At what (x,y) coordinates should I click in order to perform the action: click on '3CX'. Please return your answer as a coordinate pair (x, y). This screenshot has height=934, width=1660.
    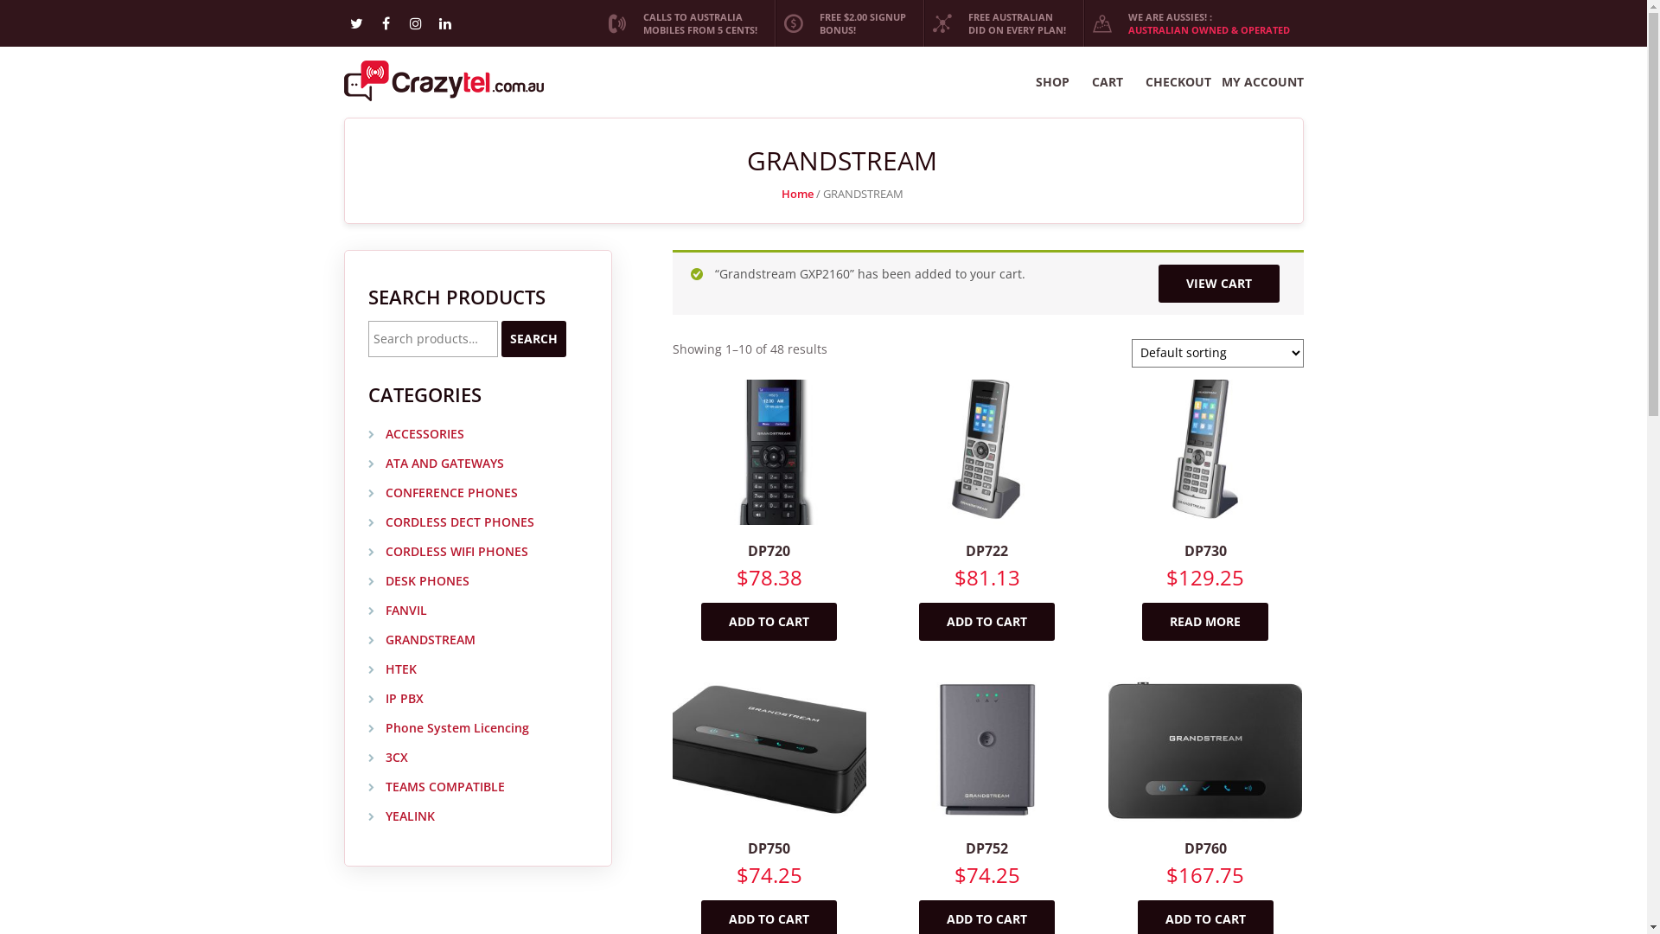
    Looking at the image, I should click on (387, 757).